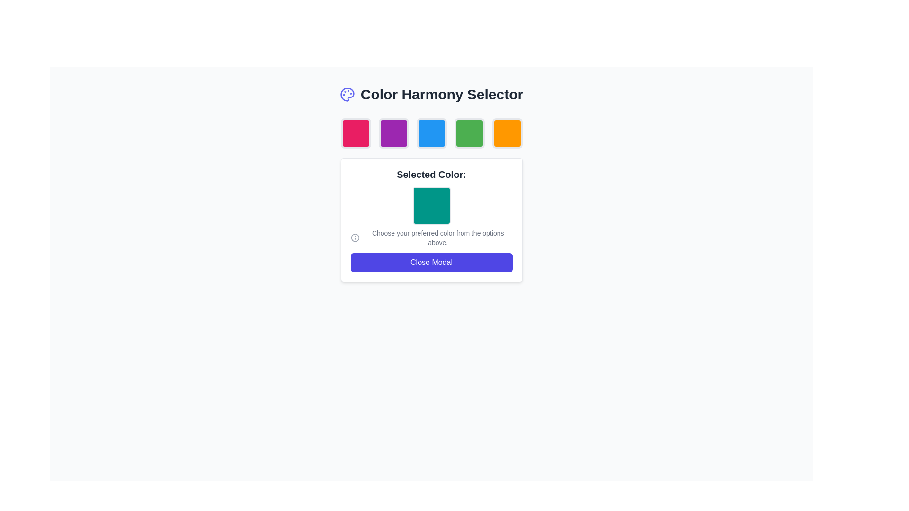 Image resolution: width=909 pixels, height=511 pixels. I want to click on the informational icon located immediately to the left of the text 'Choose your preferred color from the options above.' in the lower center of the modal dialog box, so click(355, 237).